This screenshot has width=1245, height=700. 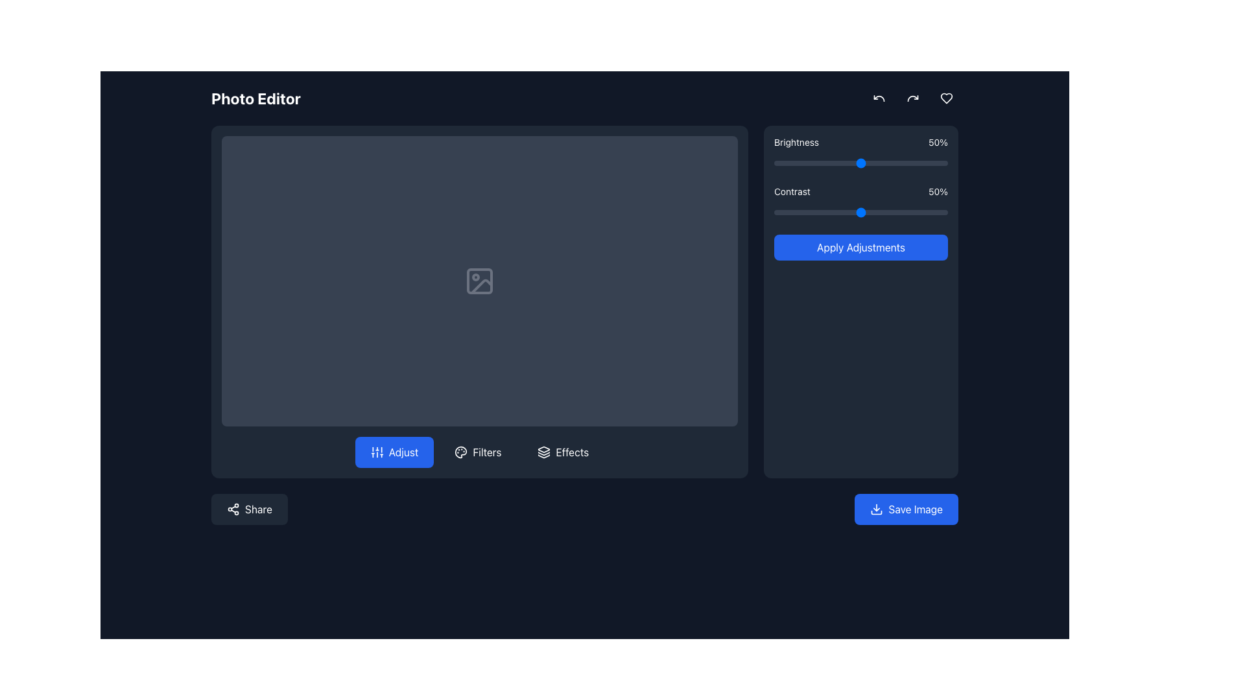 I want to click on the contrast, so click(x=943, y=211).